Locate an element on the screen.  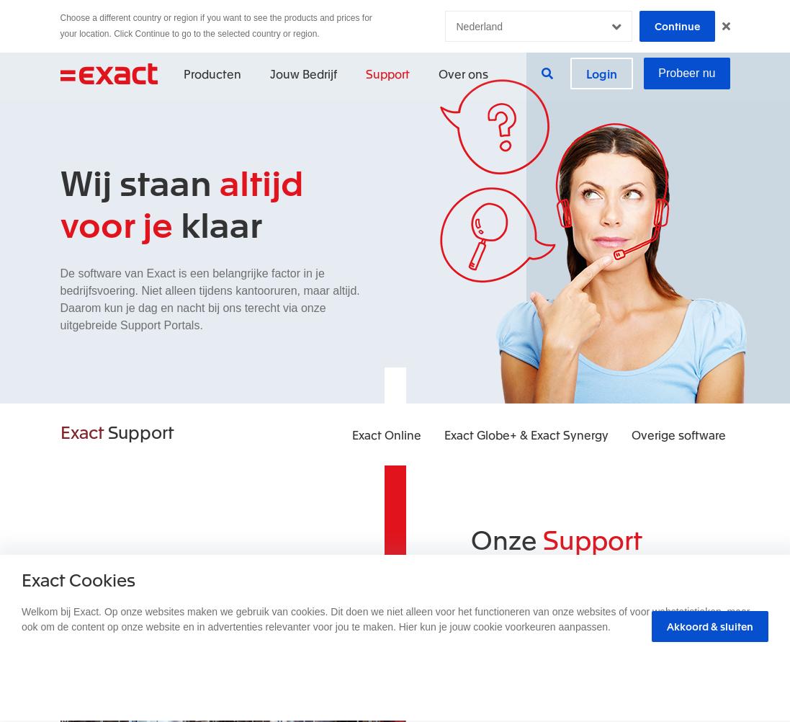
'Exact Online' is located at coordinates (385, 434).